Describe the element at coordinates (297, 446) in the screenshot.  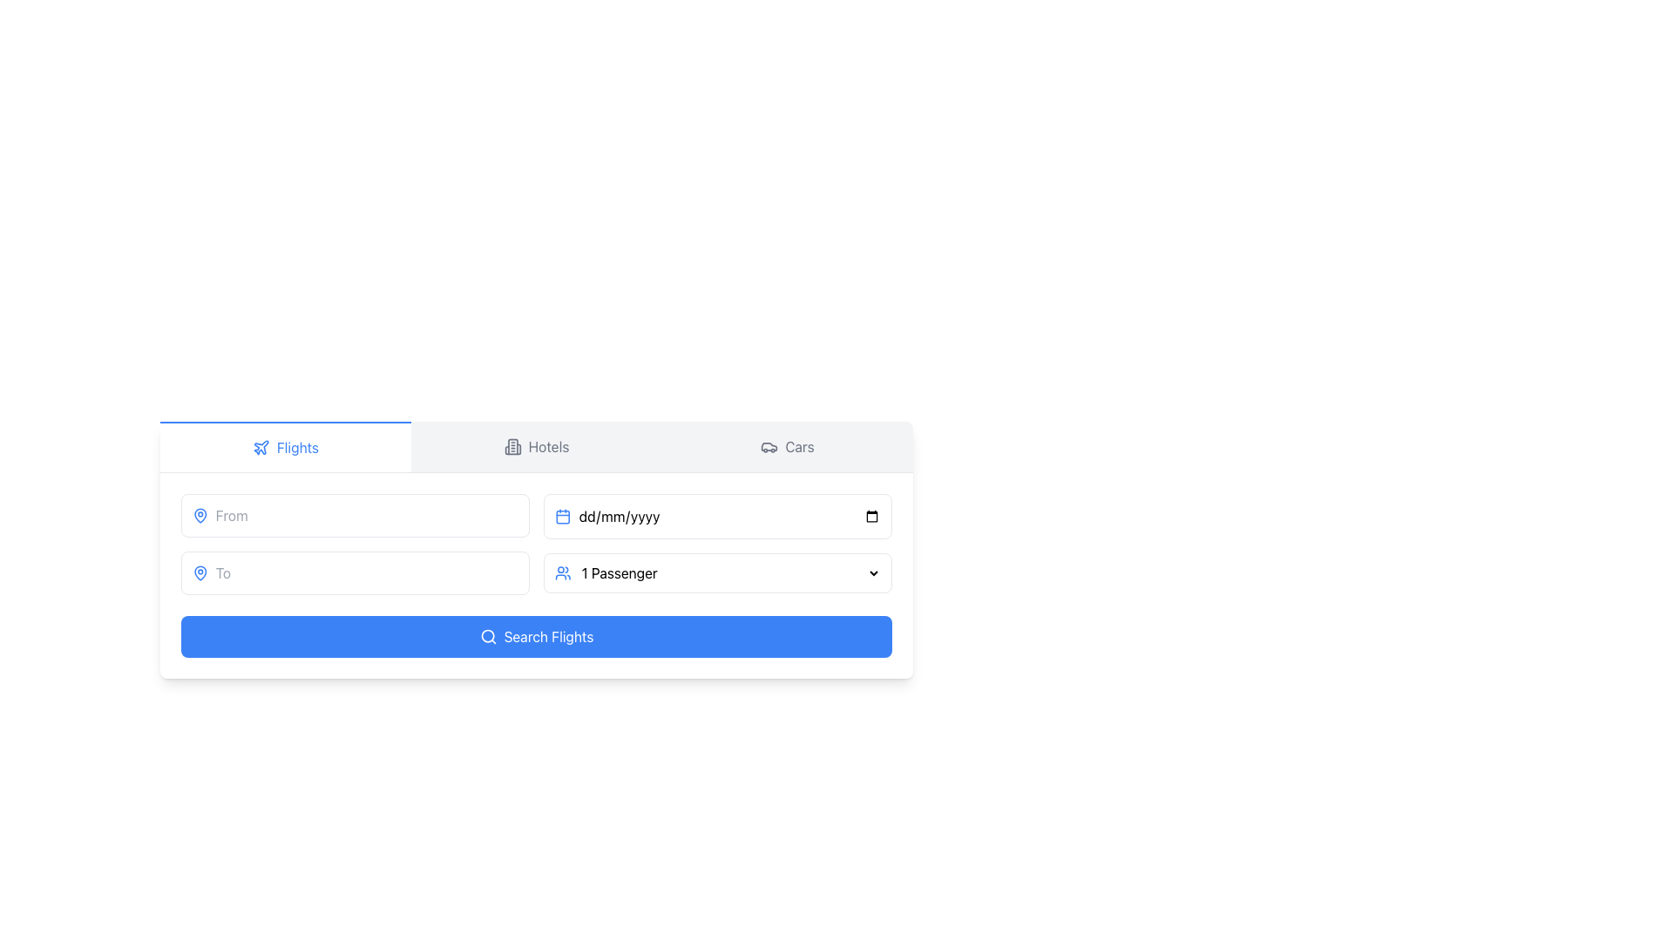
I see `the 'Flights' label in the navigation bar, which is located between the airplane icon and the 'Hotels' tab` at that location.